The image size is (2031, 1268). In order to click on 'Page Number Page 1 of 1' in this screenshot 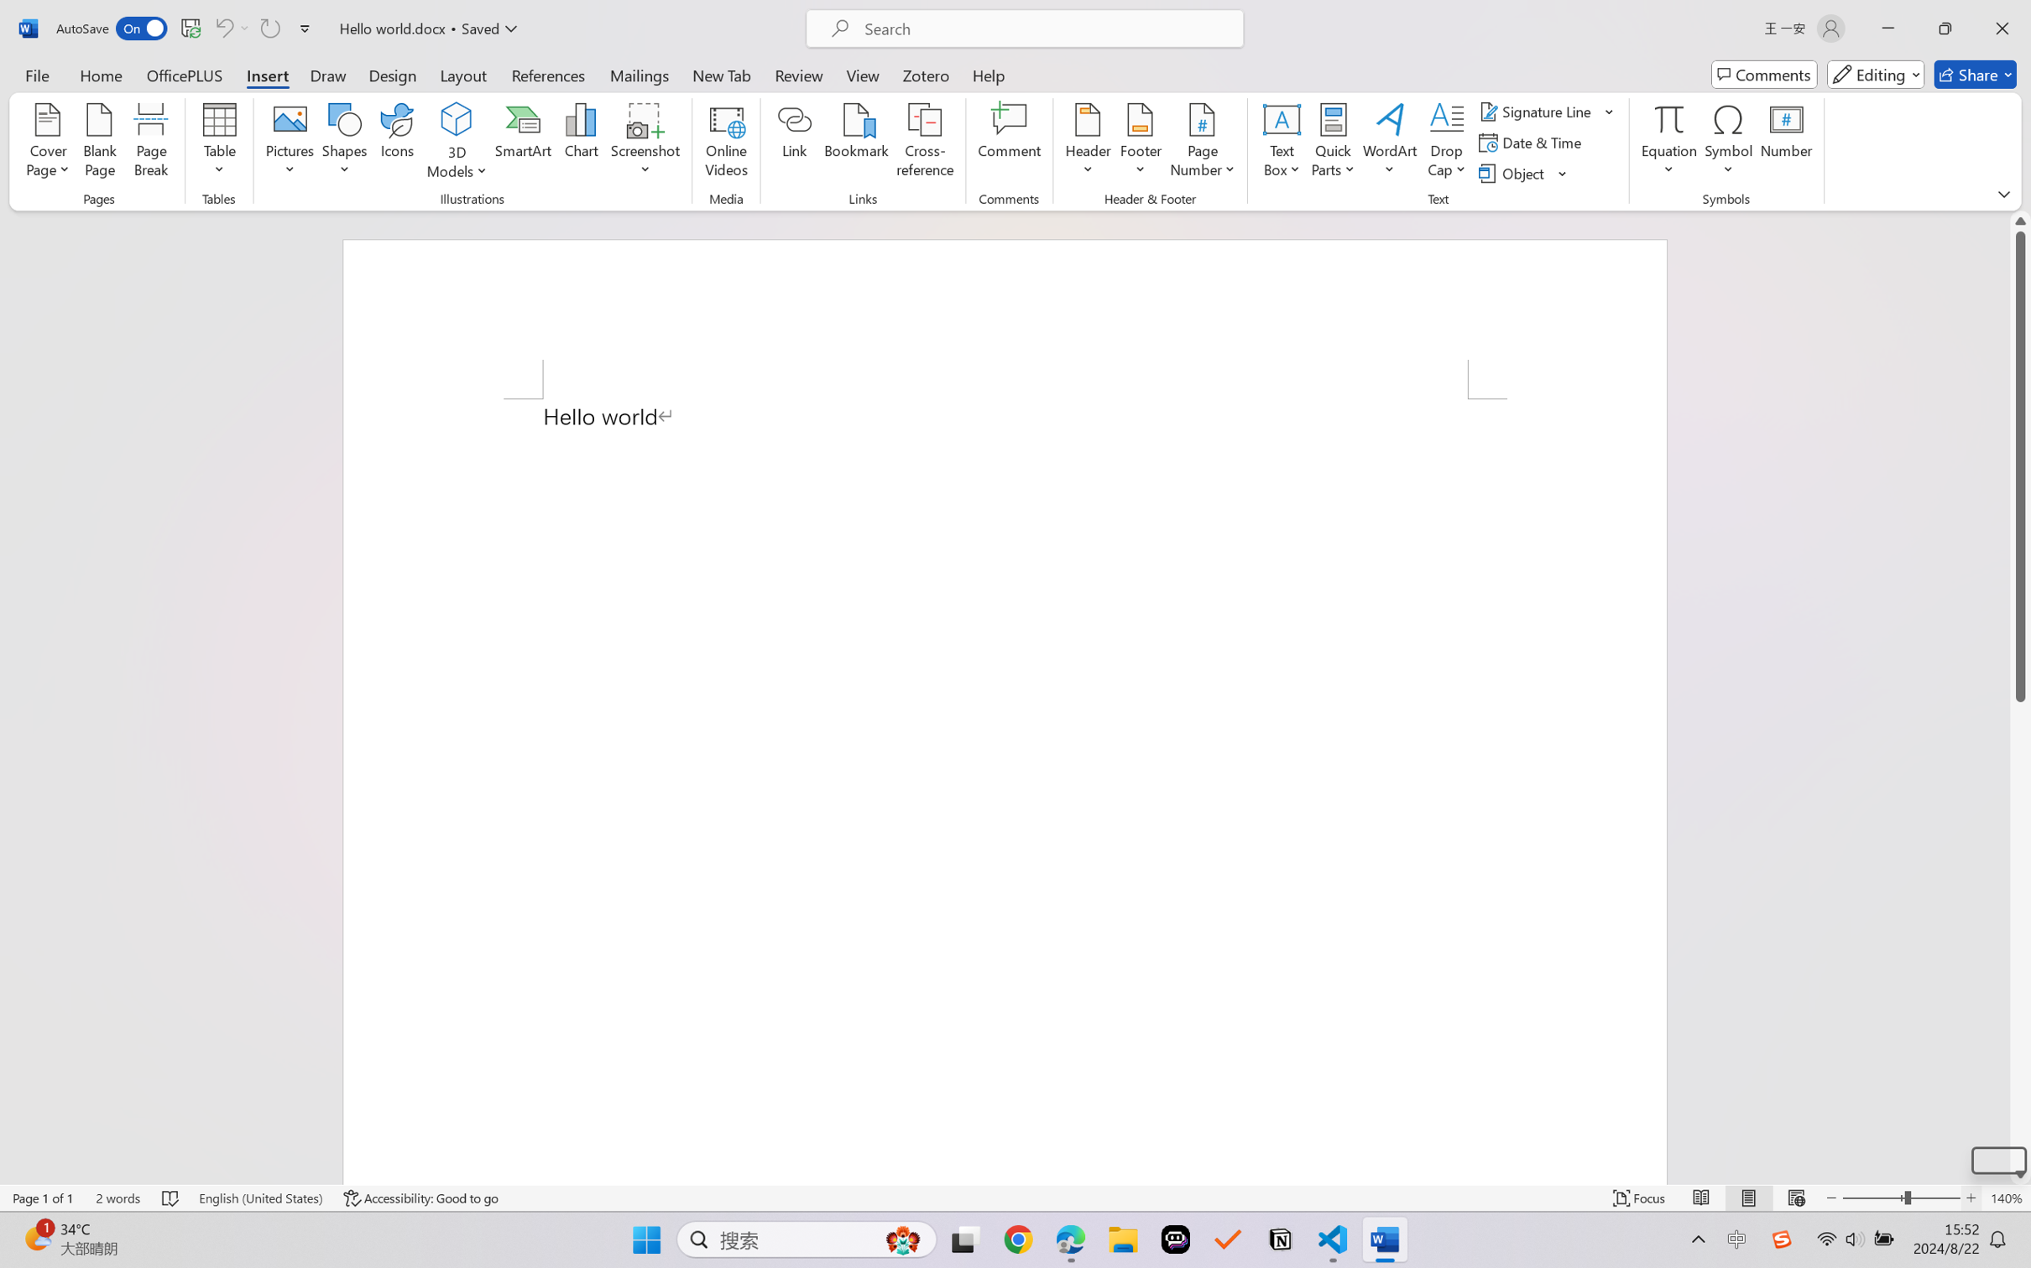, I will do `click(44, 1198)`.